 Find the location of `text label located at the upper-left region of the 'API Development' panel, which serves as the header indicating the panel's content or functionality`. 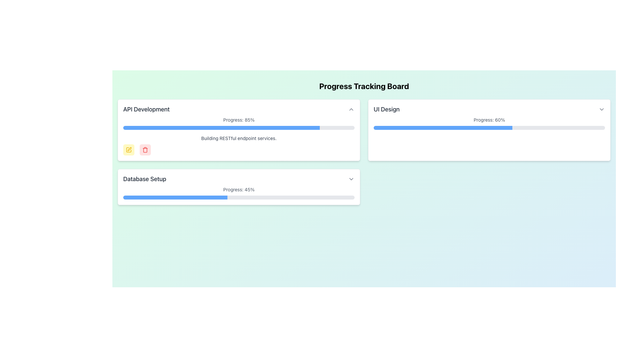

text label located at the upper-left region of the 'API Development' panel, which serves as the header indicating the panel's content or functionality is located at coordinates (146, 109).